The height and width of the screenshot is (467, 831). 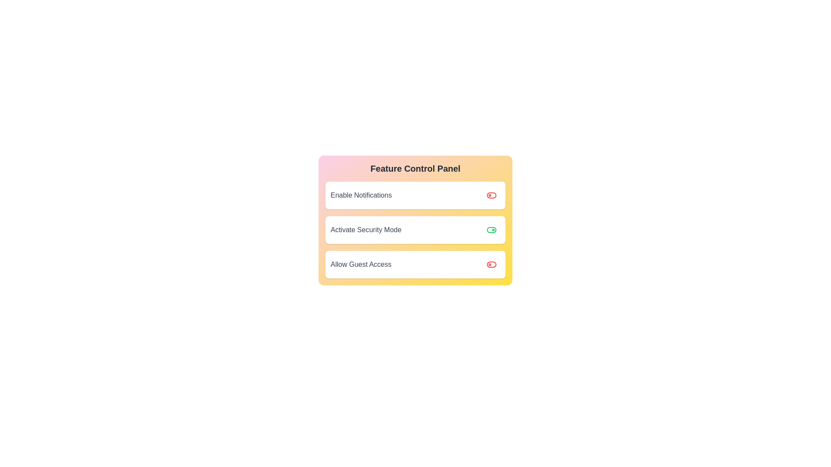 What do you see at coordinates (415, 168) in the screenshot?
I see `the text label that says 'Feature Control Panel', which is styled with a bold and enlarged font and is located at the top of the control panel` at bounding box center [415, 168].